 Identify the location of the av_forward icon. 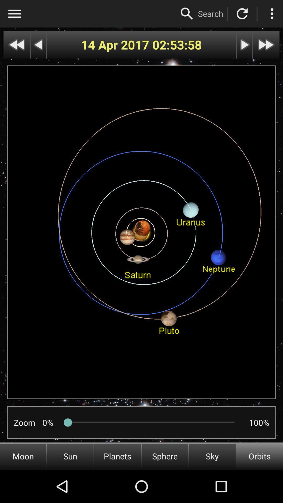
(266, 45).